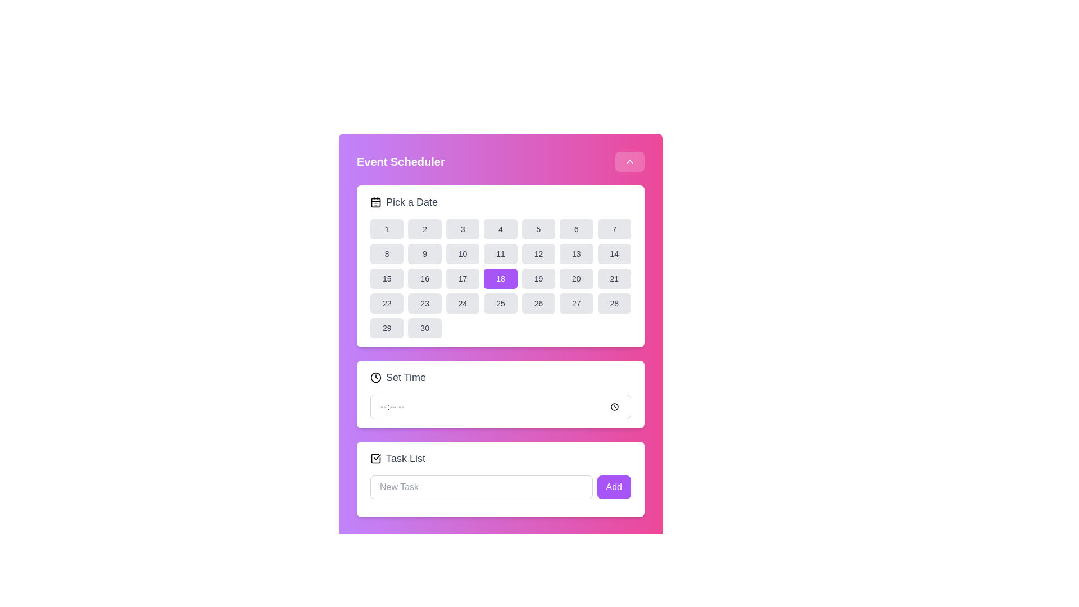 Image resolution: width=1079 pixels, height=607 pixels. What do you see at coordinates (500, 229) in the screenshot?
I see `the small rounded rectangular button labeled '4' in the 'Pick a Date' section of the 'Event Scheduler' interface` at bounding box center [500, 229].